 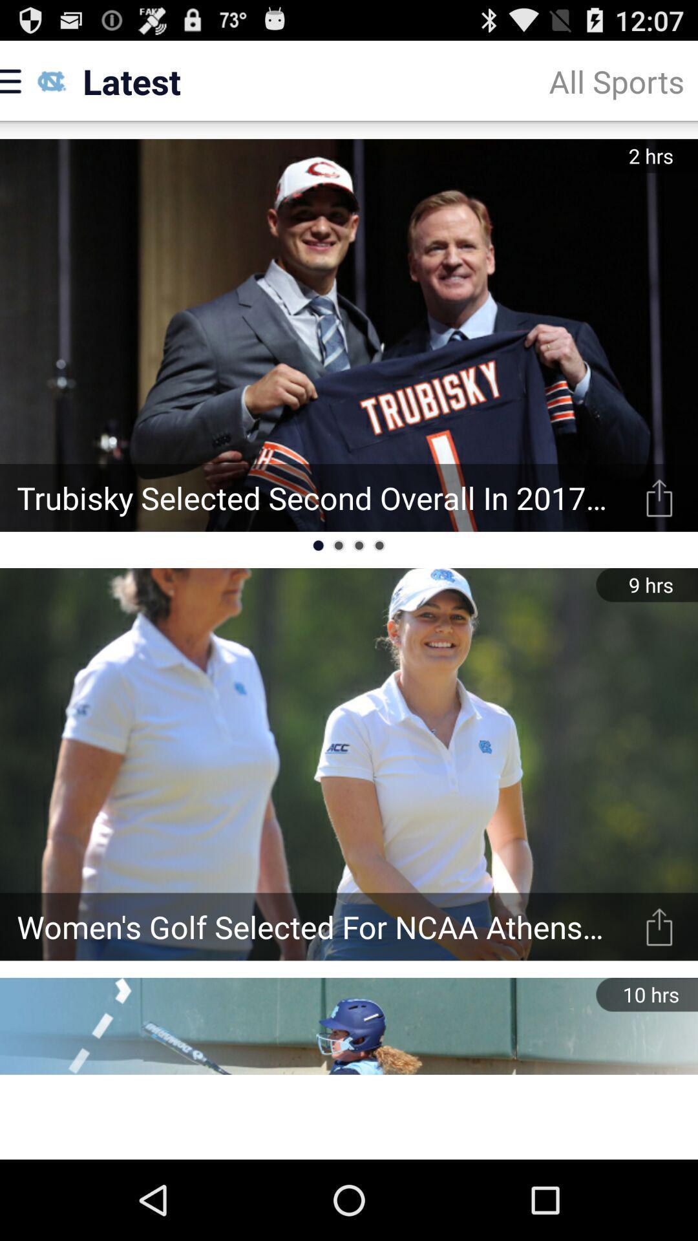 What do you see at coordinates (659, 926) in the screenshot?
I see `upload` at bounding box center [659, 926].